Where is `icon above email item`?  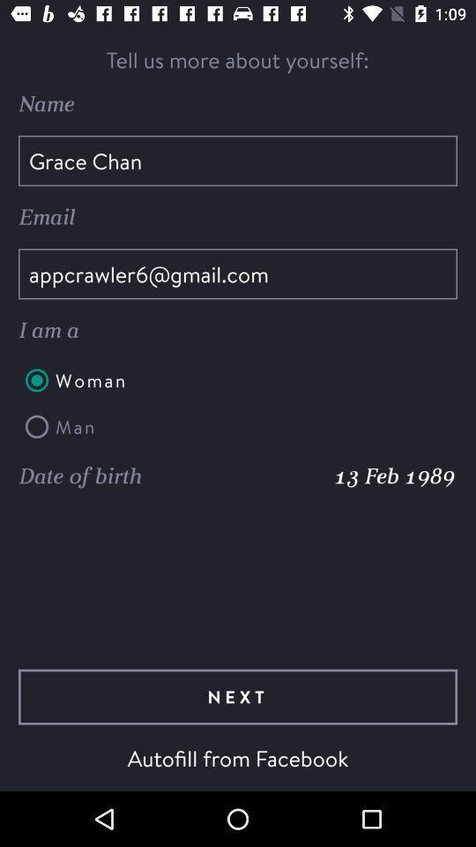
icon above email item is located at coordinates (238, 161).